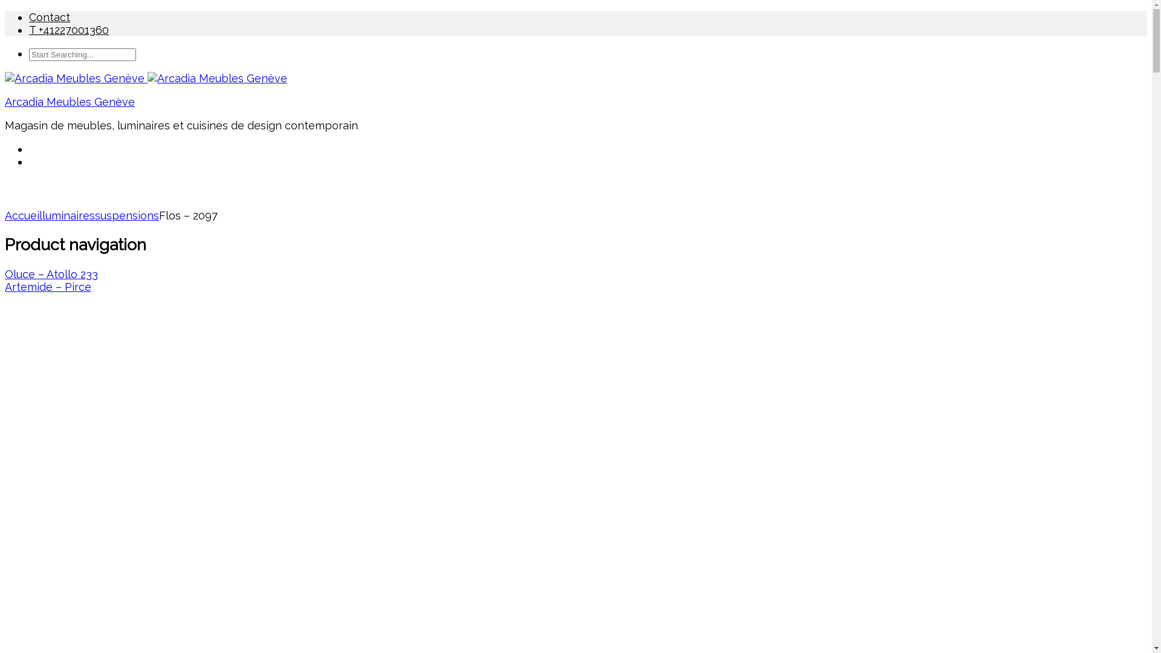 Image resolution: width=1161 pixels, height=653 pixels. Describe the element at coordinates (68, 215) in the screenshot. I see `'luminaires'` at that location.